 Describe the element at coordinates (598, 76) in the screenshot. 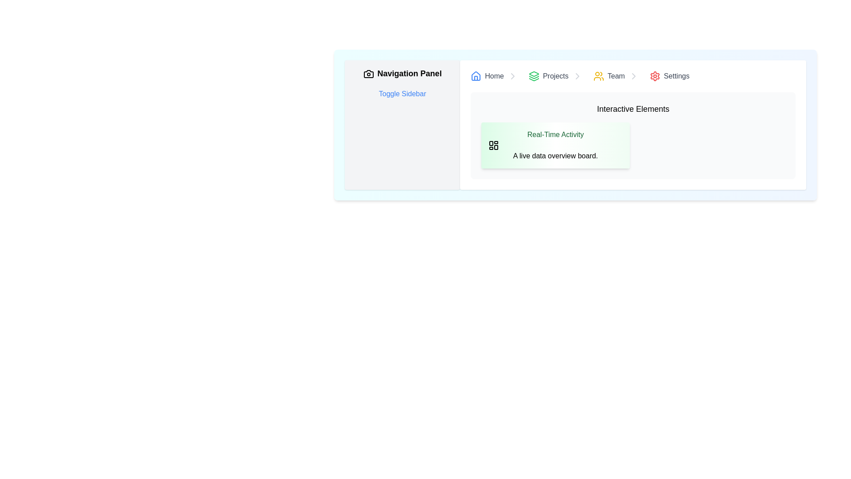

I see `the yellow group of people icon in the top navigation bar` at that location.